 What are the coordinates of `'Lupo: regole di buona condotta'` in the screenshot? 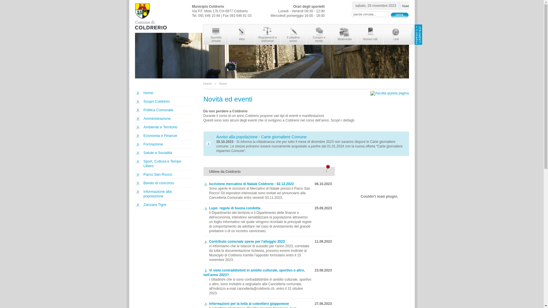 It's located at (203, 208).